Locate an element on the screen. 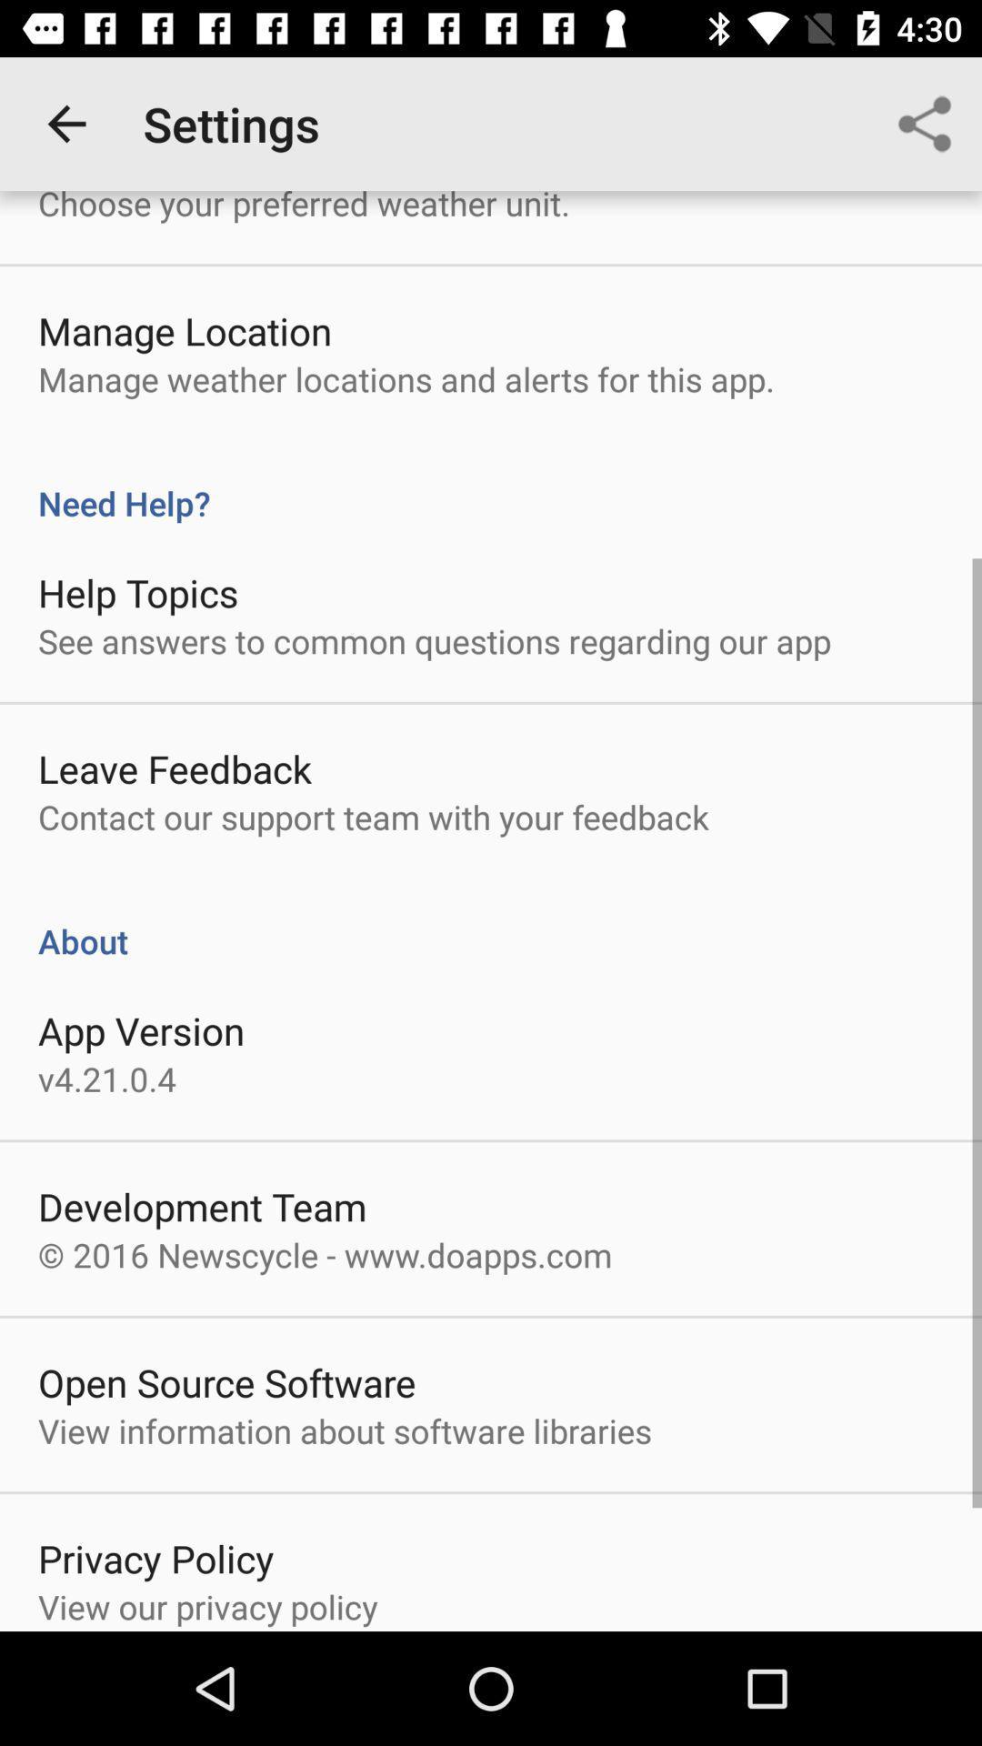 Image resolution: width=982 pixels, height=1746 pixels. the help topics icon is located at coordinates (137, 592).